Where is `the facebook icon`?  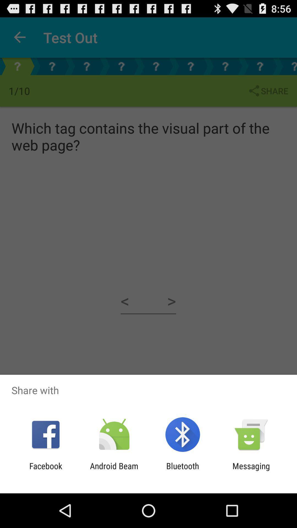 the facebook icon is located at coordinates (45, 471).